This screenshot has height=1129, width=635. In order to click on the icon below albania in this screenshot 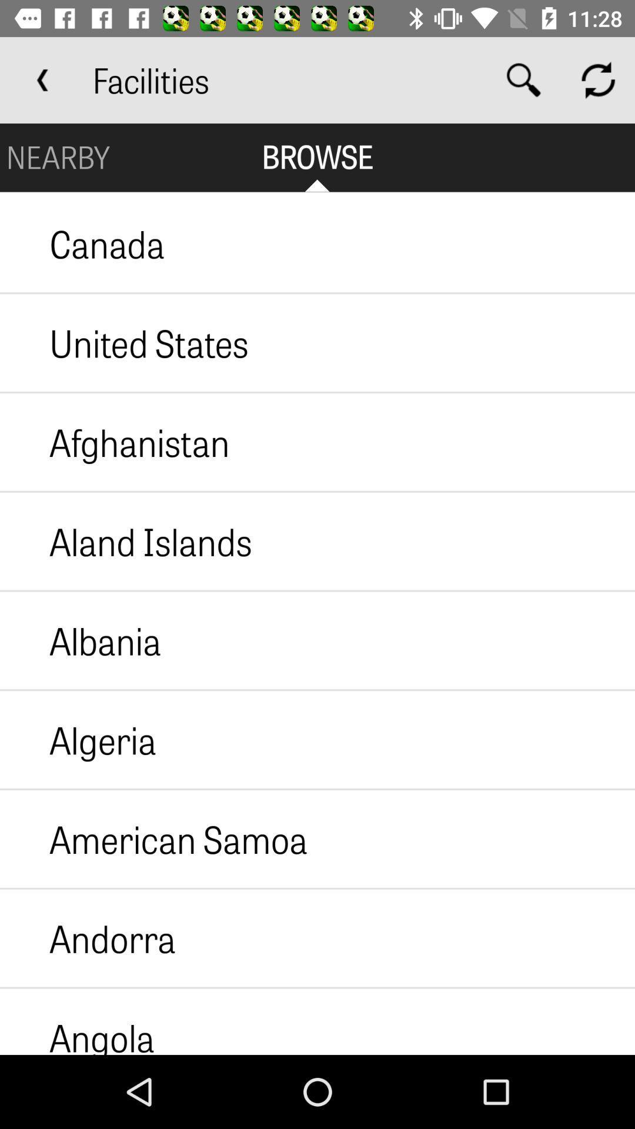, I will do `click(78, 739)`.